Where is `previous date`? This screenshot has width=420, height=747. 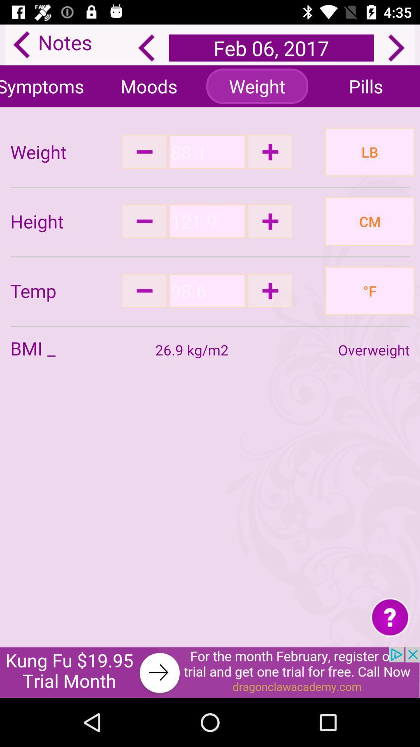 previous date is located at coordinates (146, 47).